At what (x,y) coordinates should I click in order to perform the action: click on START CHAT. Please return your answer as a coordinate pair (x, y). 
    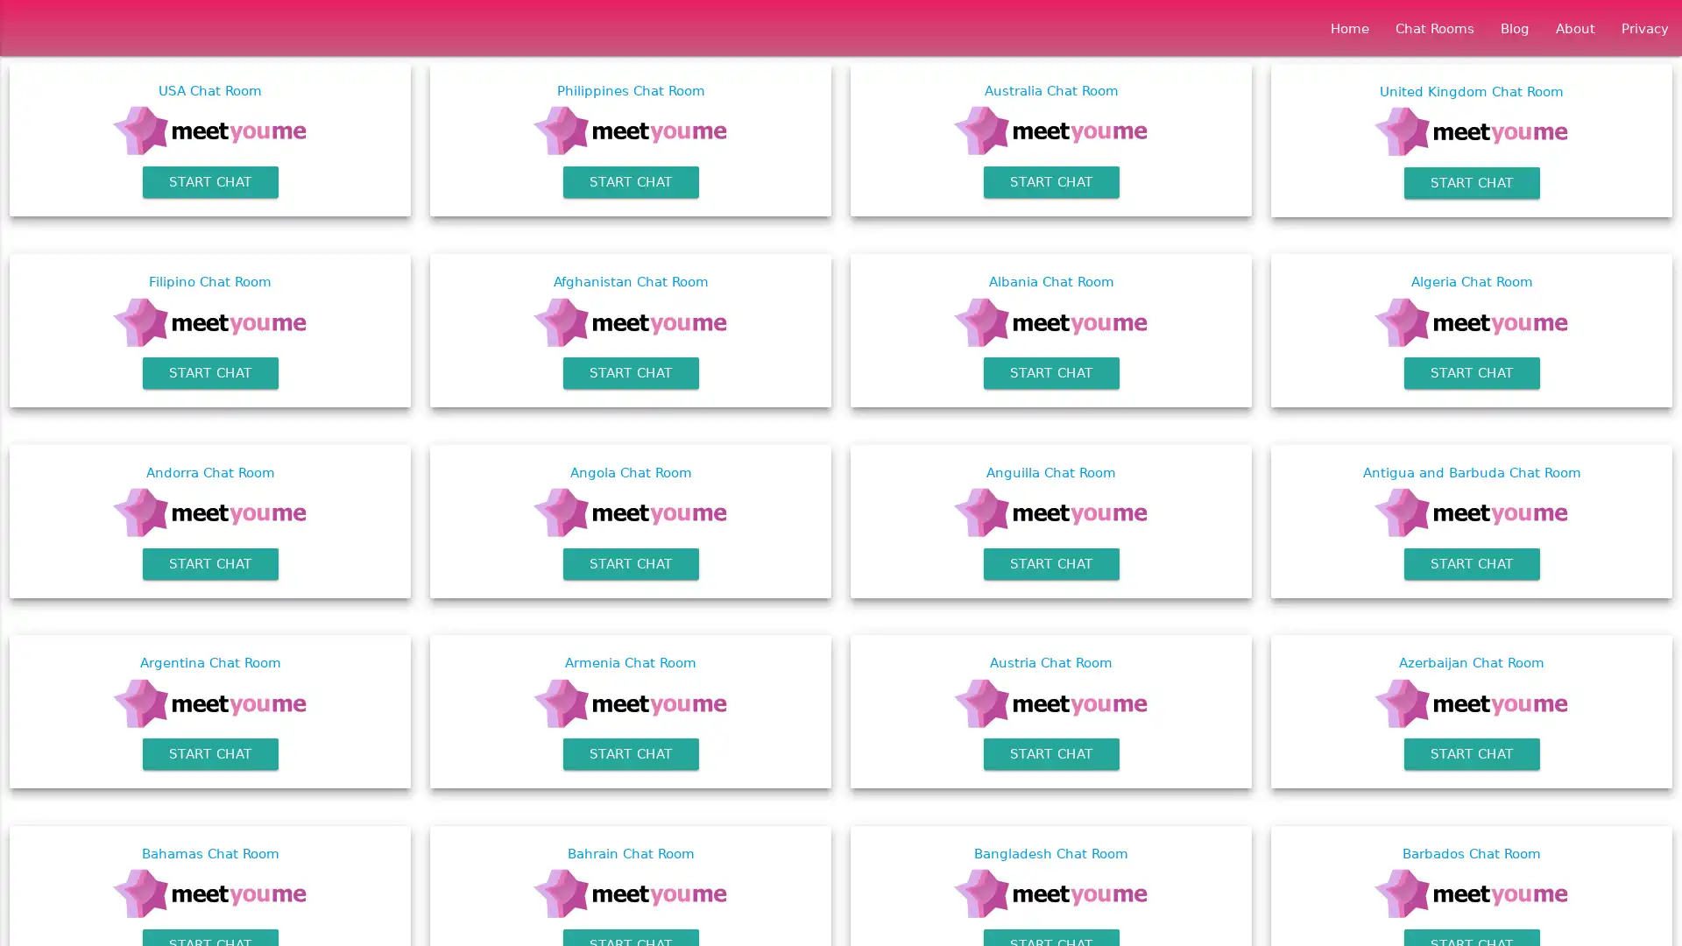
    Looking at the image, I should click on (1050, 752).